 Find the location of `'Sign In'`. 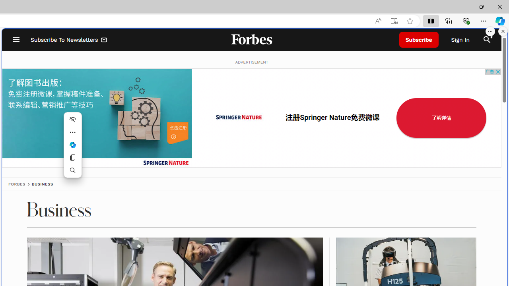

'Sign In' is located at coordinates (460, 40).